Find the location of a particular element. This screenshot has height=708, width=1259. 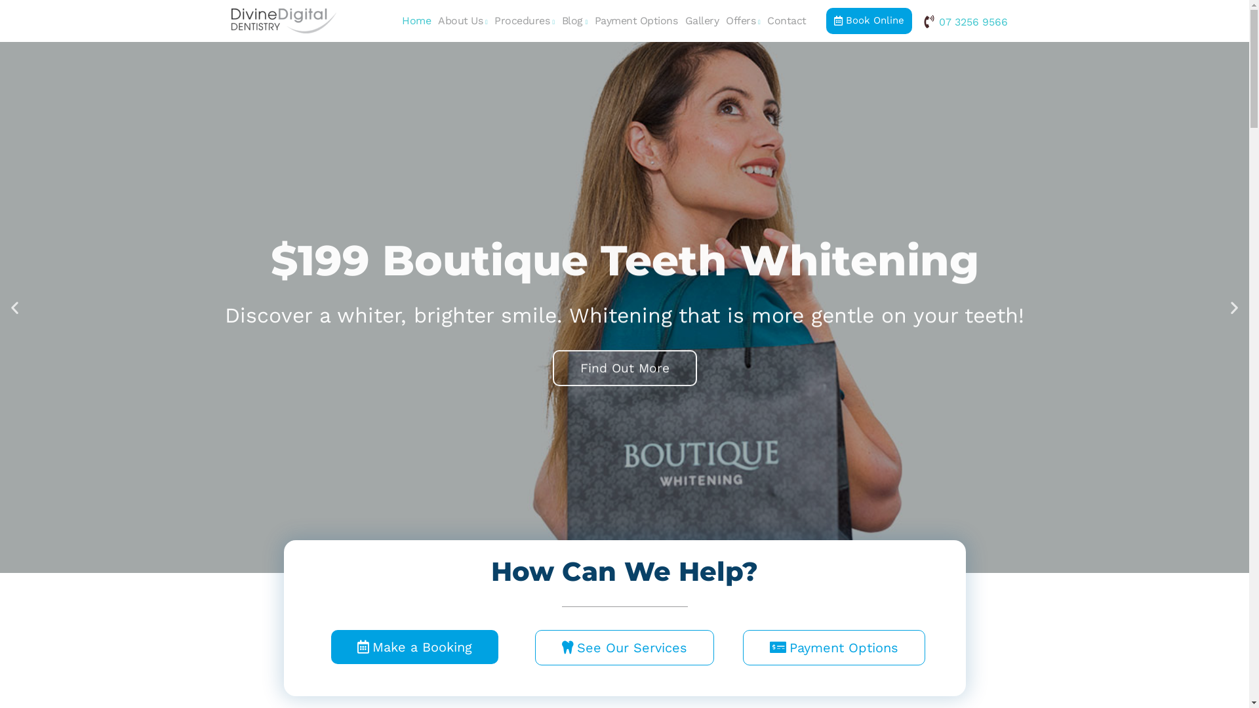

'See Our Services' is located at coordinates (624, 646).